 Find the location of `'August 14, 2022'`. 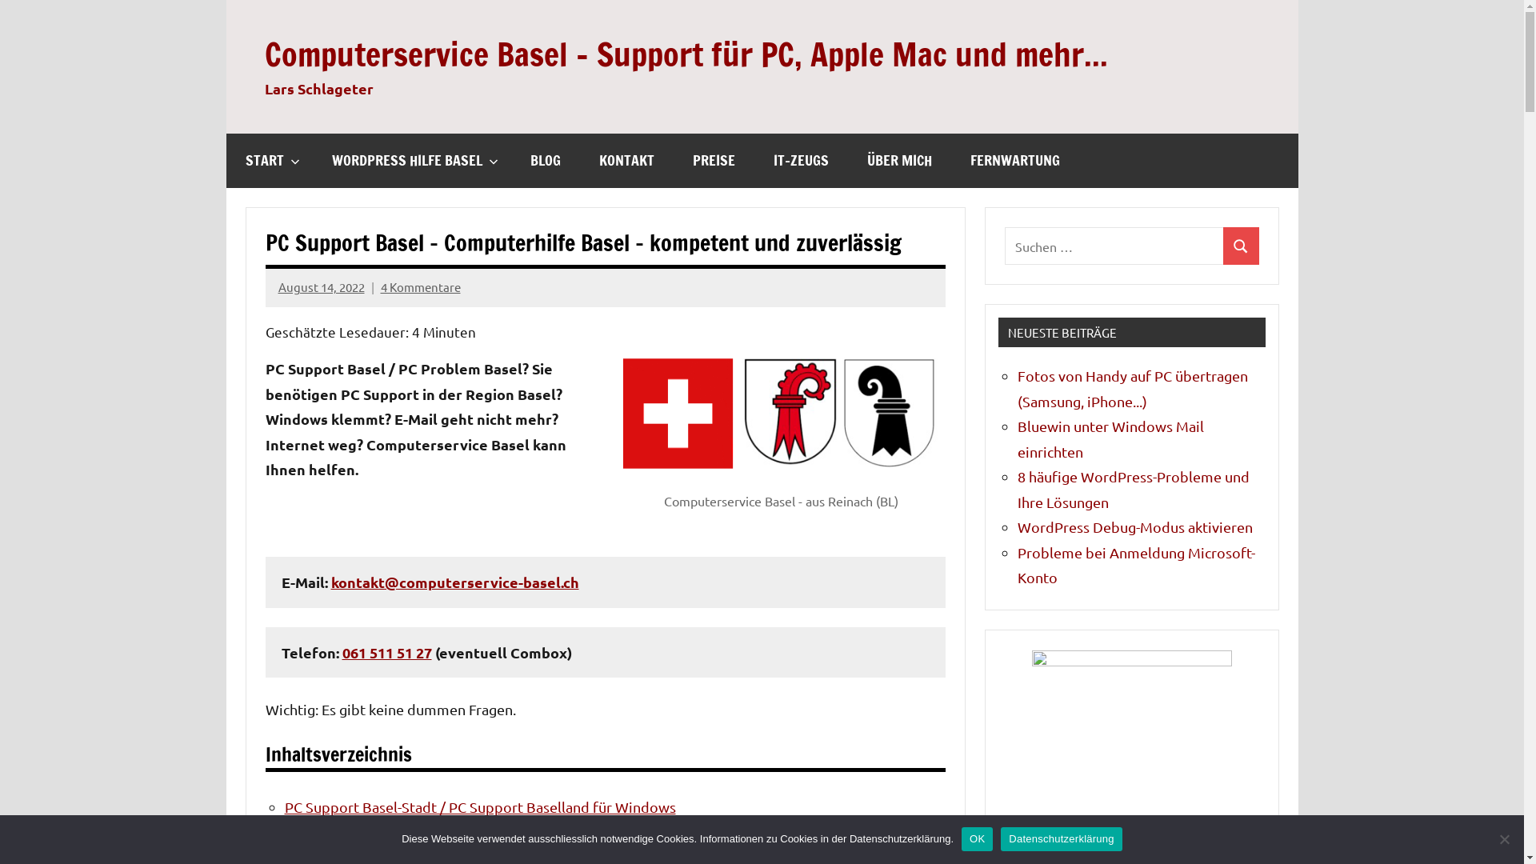

'August 14, 2022' is located at coordinates (321, 286).